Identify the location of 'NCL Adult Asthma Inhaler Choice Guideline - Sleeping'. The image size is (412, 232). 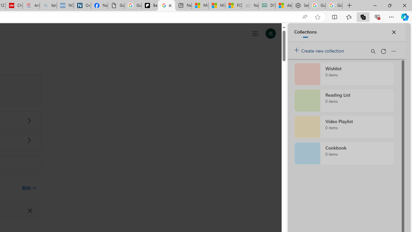
(65, 5).